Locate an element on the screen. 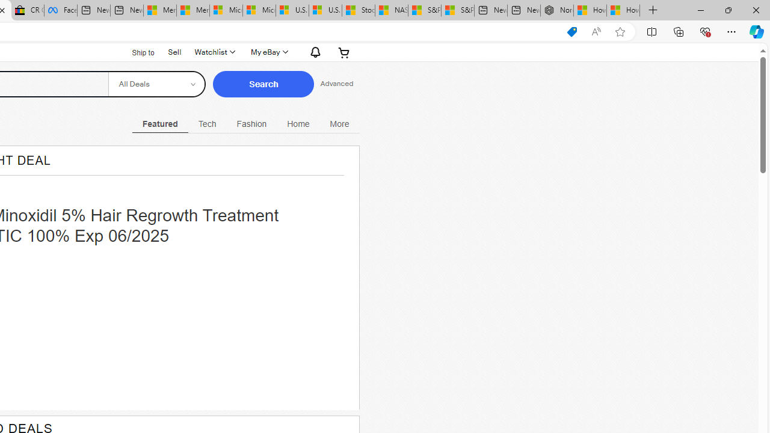  'Class: navigation-desktop-with-flyout selected open-left' is located at coordinates (159, 122).